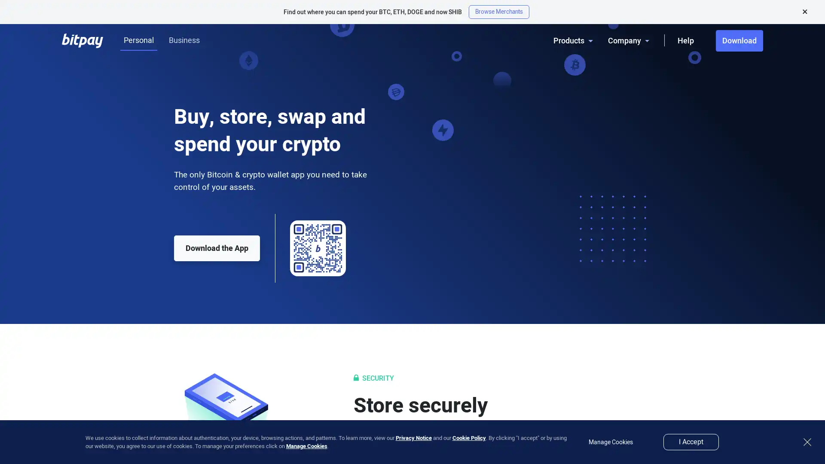  I want to click on I Accept, so click(691, 442).